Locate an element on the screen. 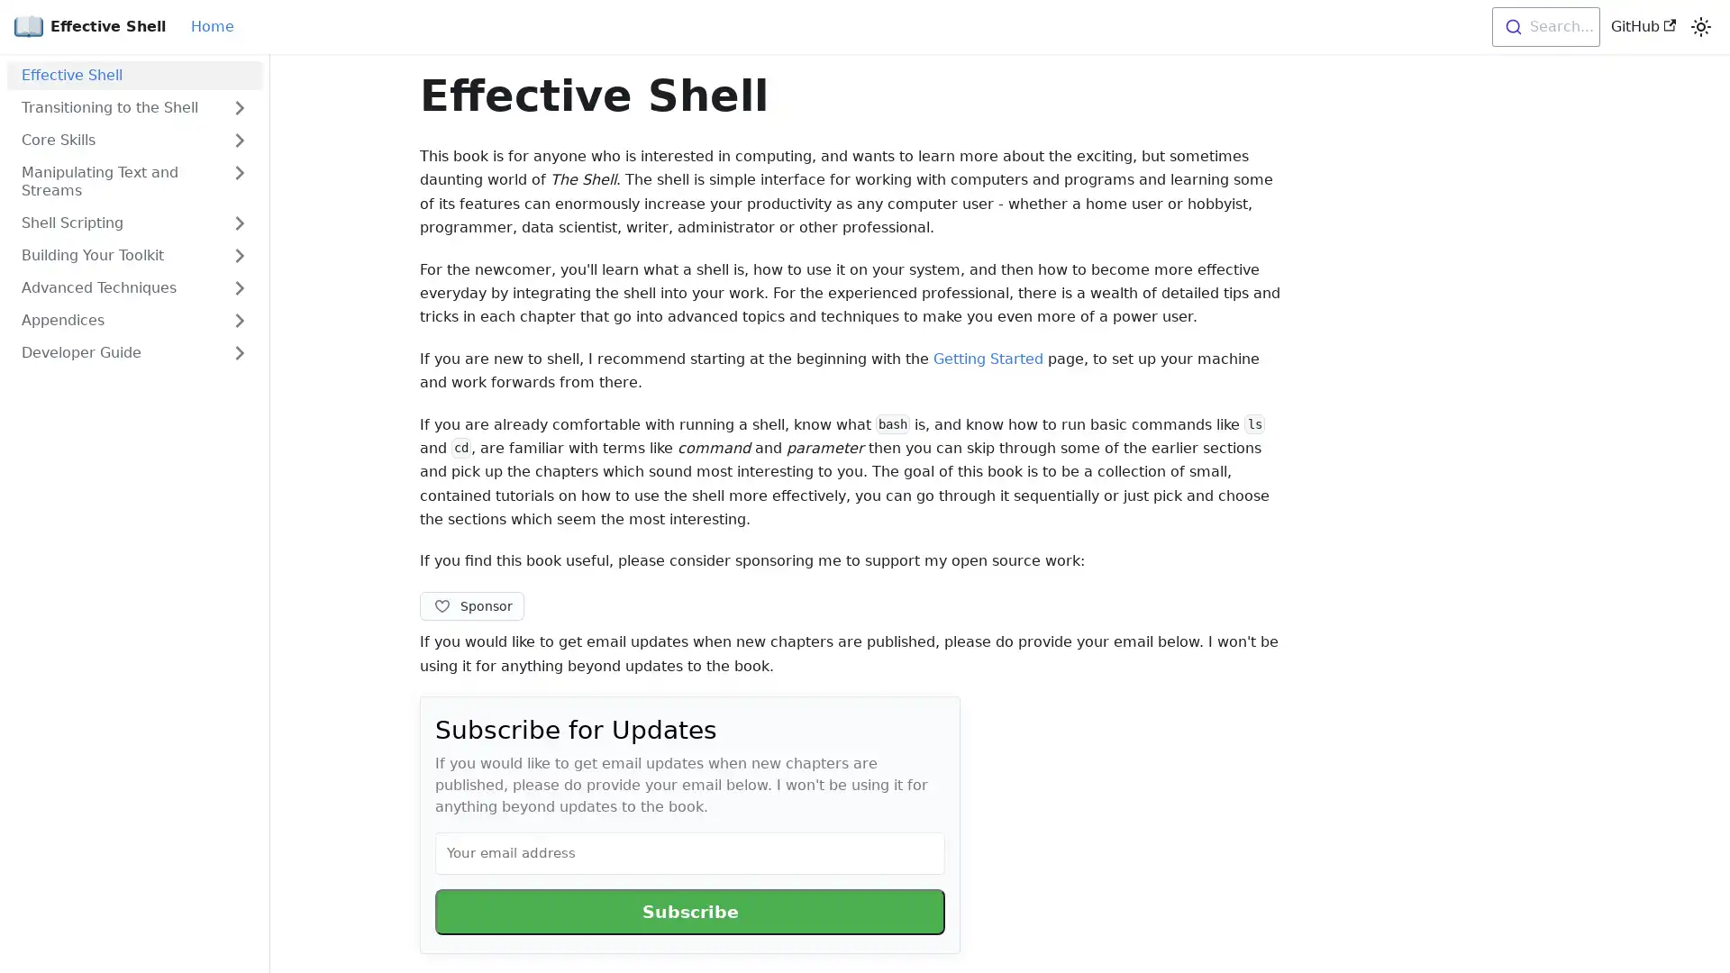 This screenshot has height=973, width=1730. Toggle the collapsible sidebar category 'Advanced Techniques' is located at coordinates (238, 287).